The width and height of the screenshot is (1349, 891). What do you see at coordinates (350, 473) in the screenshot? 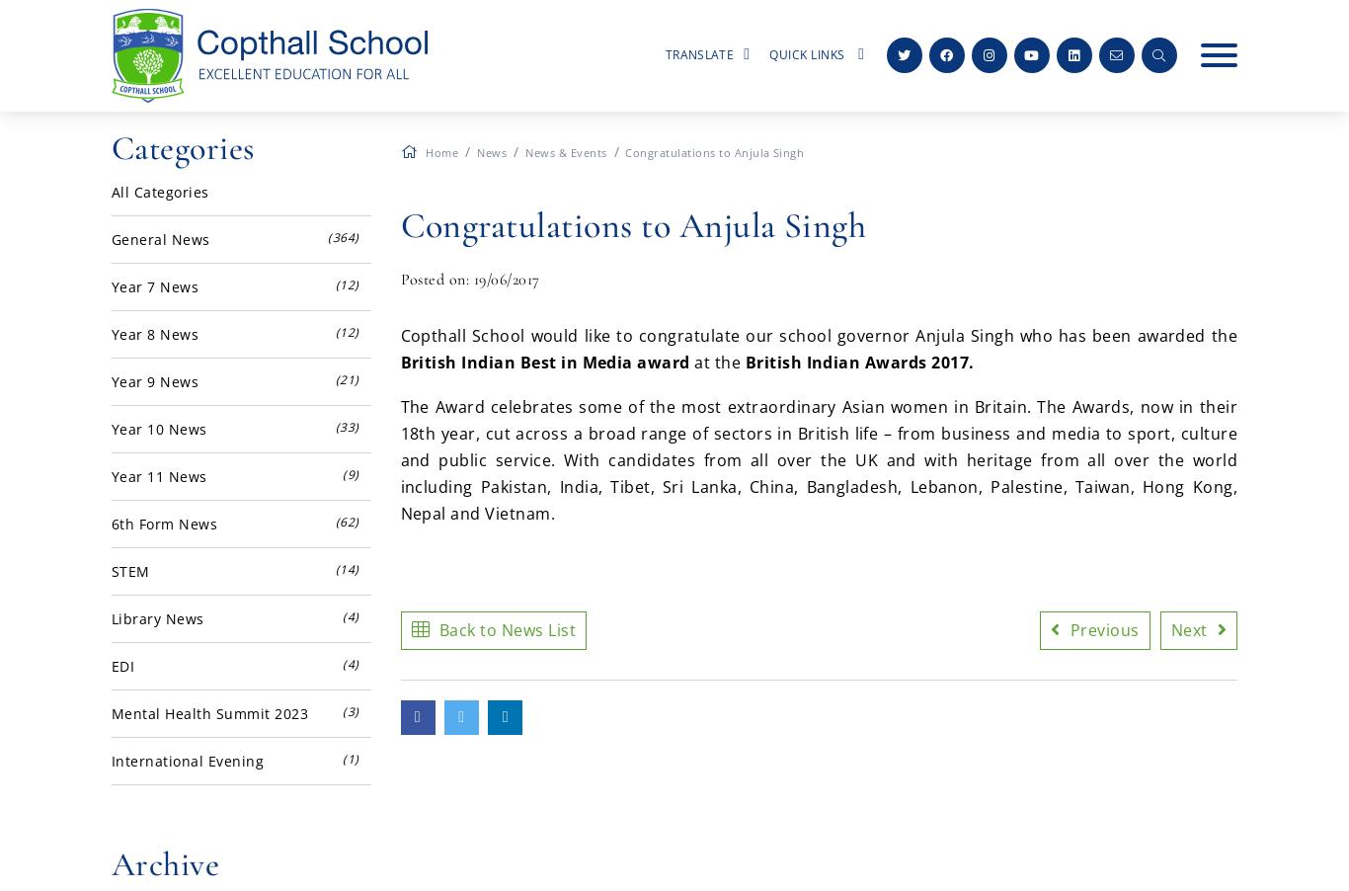
I see `'(9)'` at bounding box center [350, 473].